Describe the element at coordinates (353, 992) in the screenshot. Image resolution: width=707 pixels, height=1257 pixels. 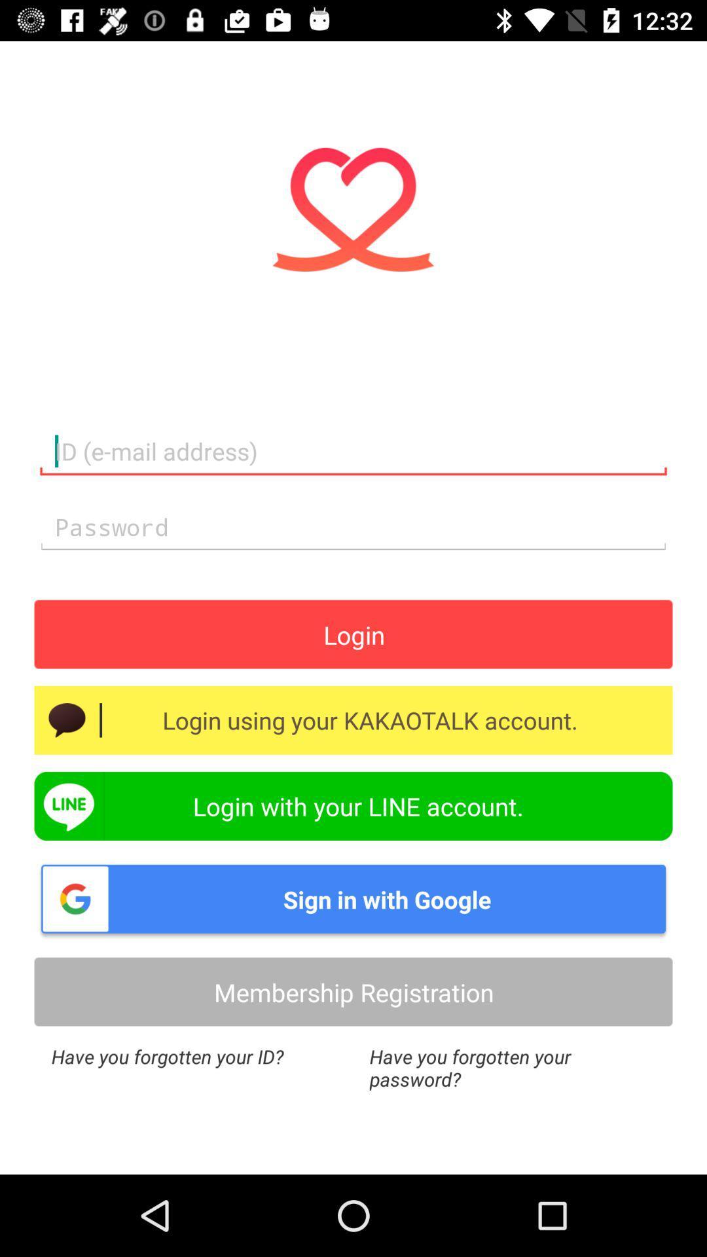
I see `membership registration` at that location.